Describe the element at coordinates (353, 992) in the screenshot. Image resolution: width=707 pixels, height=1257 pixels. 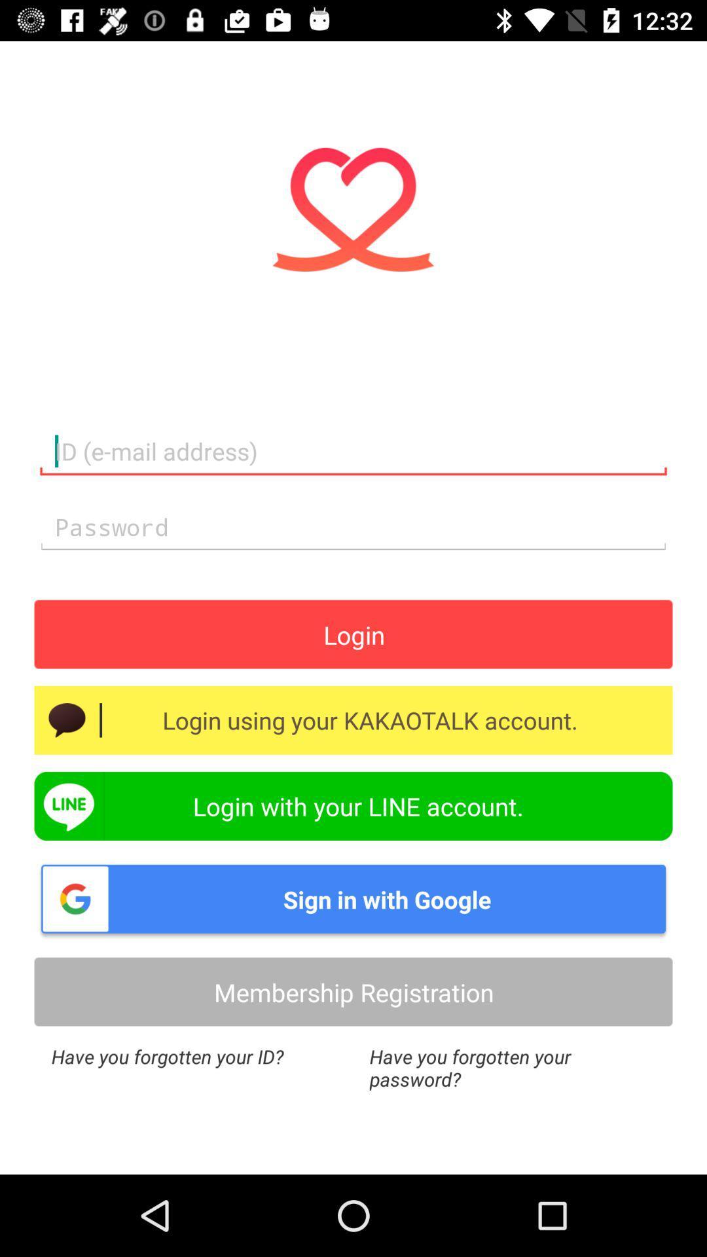
I see `membership registration` at that location.